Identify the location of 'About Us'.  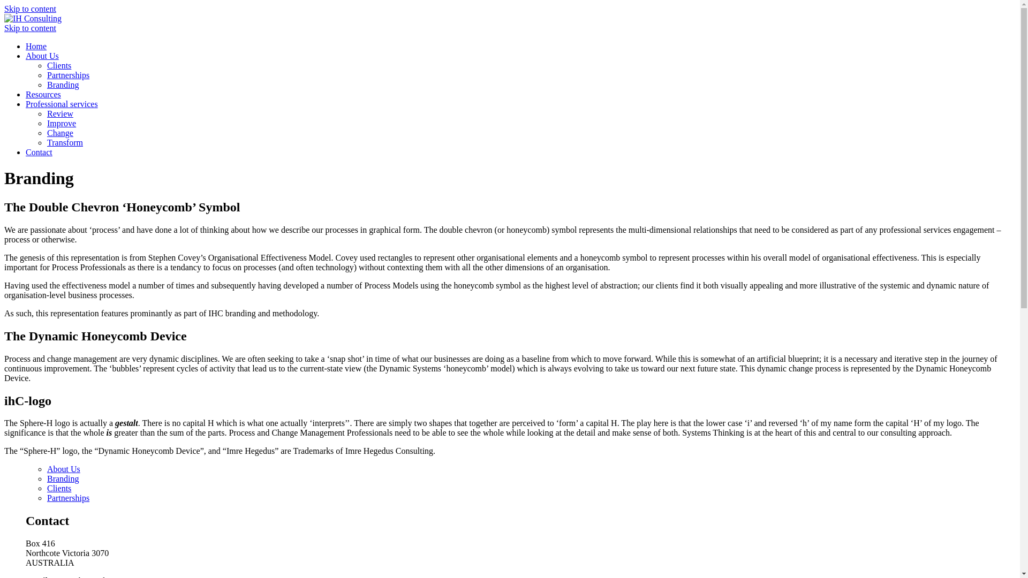
(63, 468).